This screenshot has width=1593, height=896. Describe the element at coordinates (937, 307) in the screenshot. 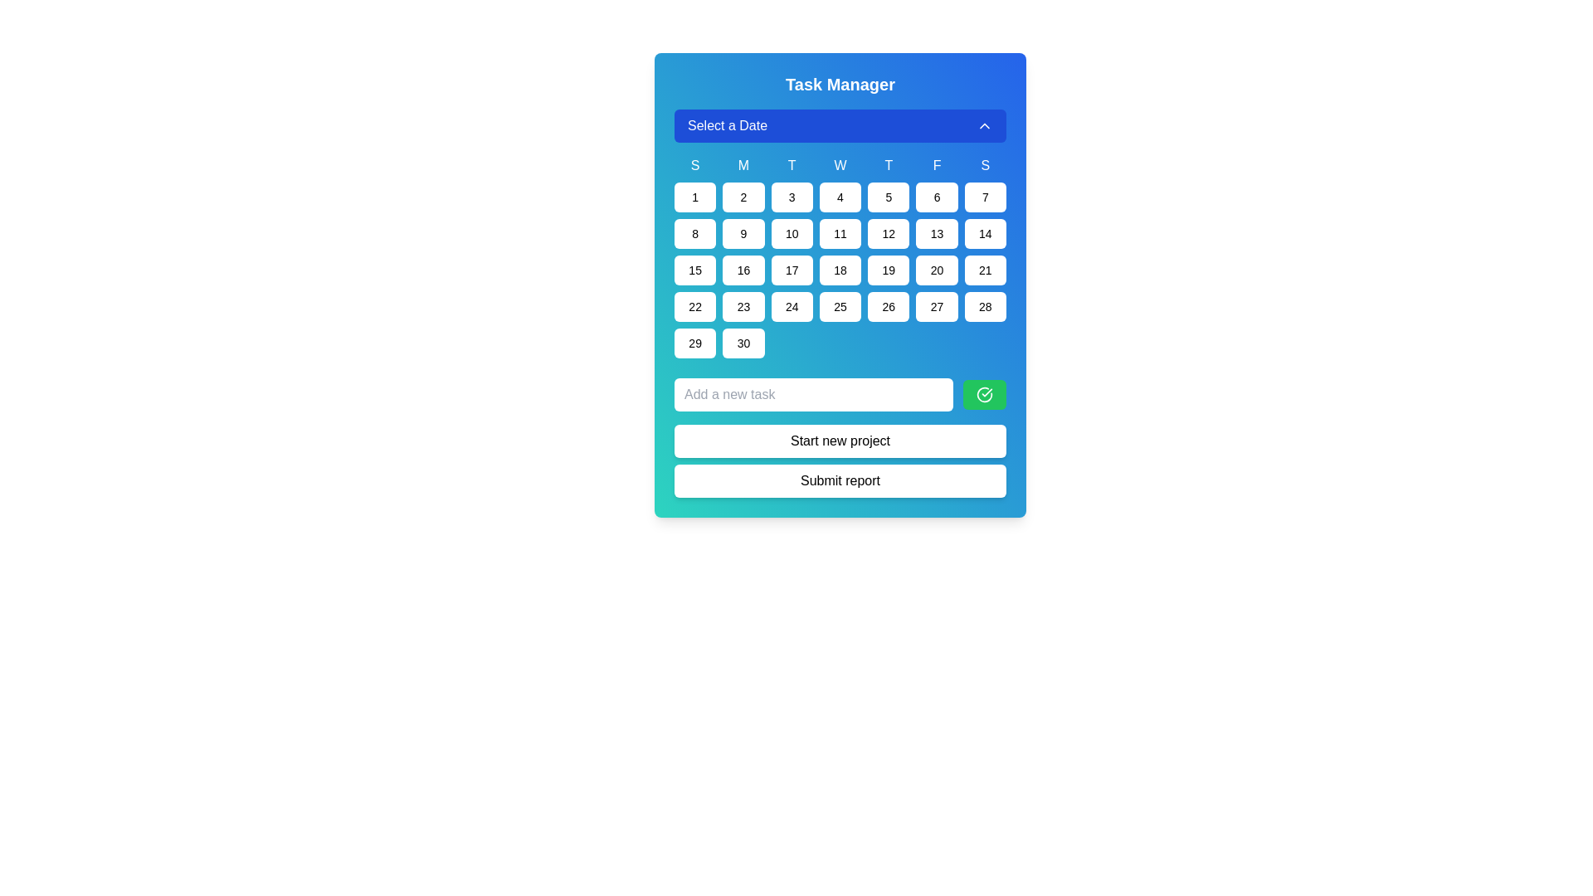

I see `the button representing the date '27' in the bottom-right corner of the calendar interface` at that location.